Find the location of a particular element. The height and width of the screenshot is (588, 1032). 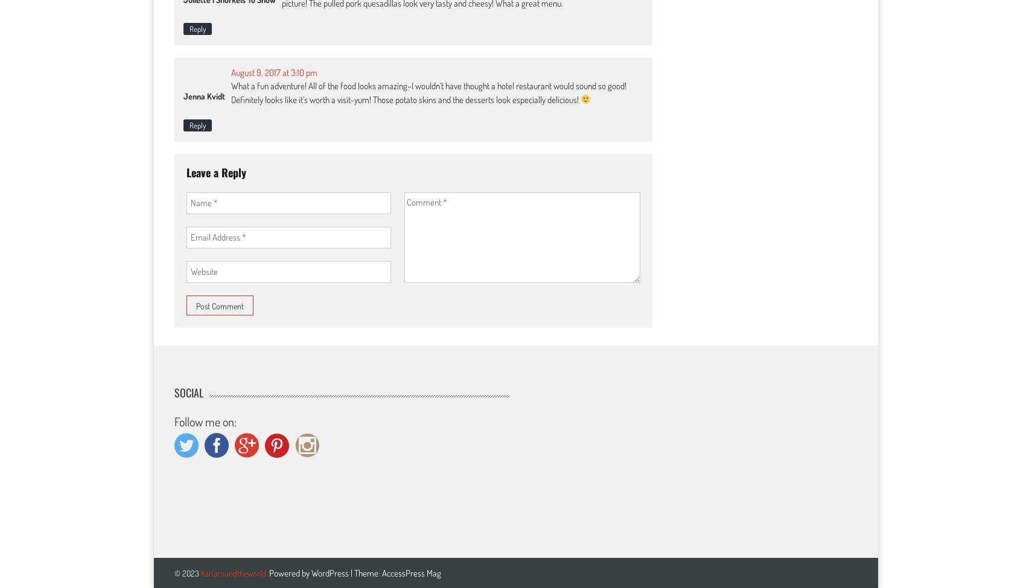

'© 2023' is located at coordinates (173, 572).